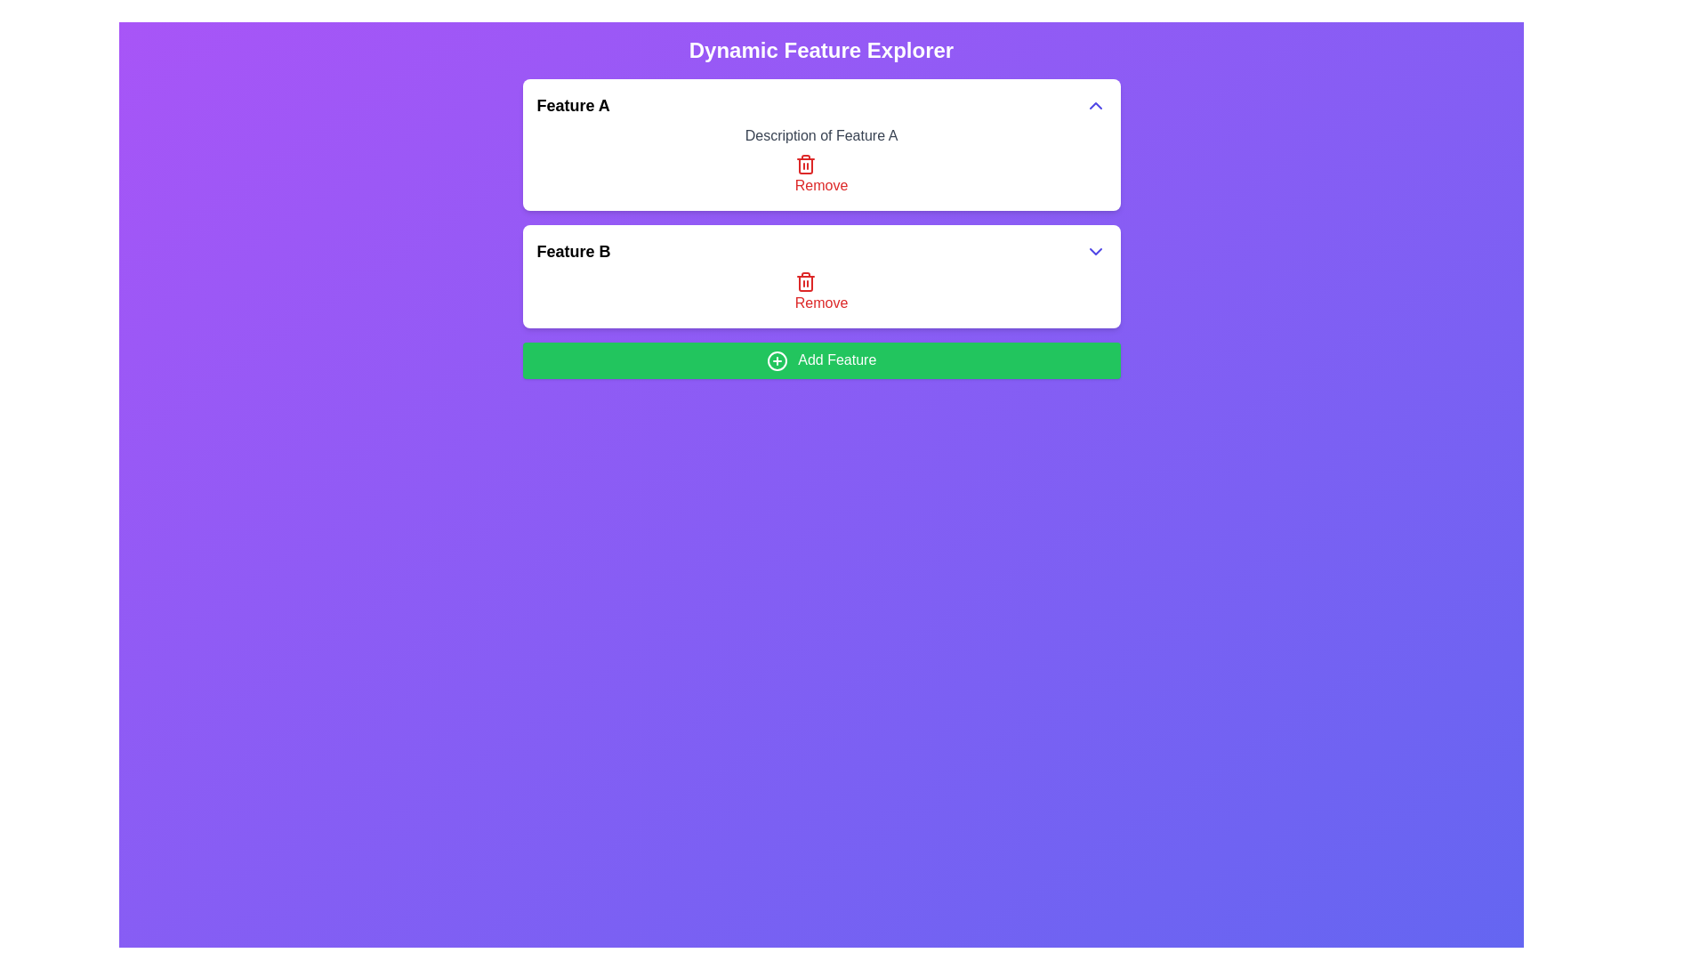  I want to click on the button located at the bottom of the interface, centered horizontally, so click(820, 360).